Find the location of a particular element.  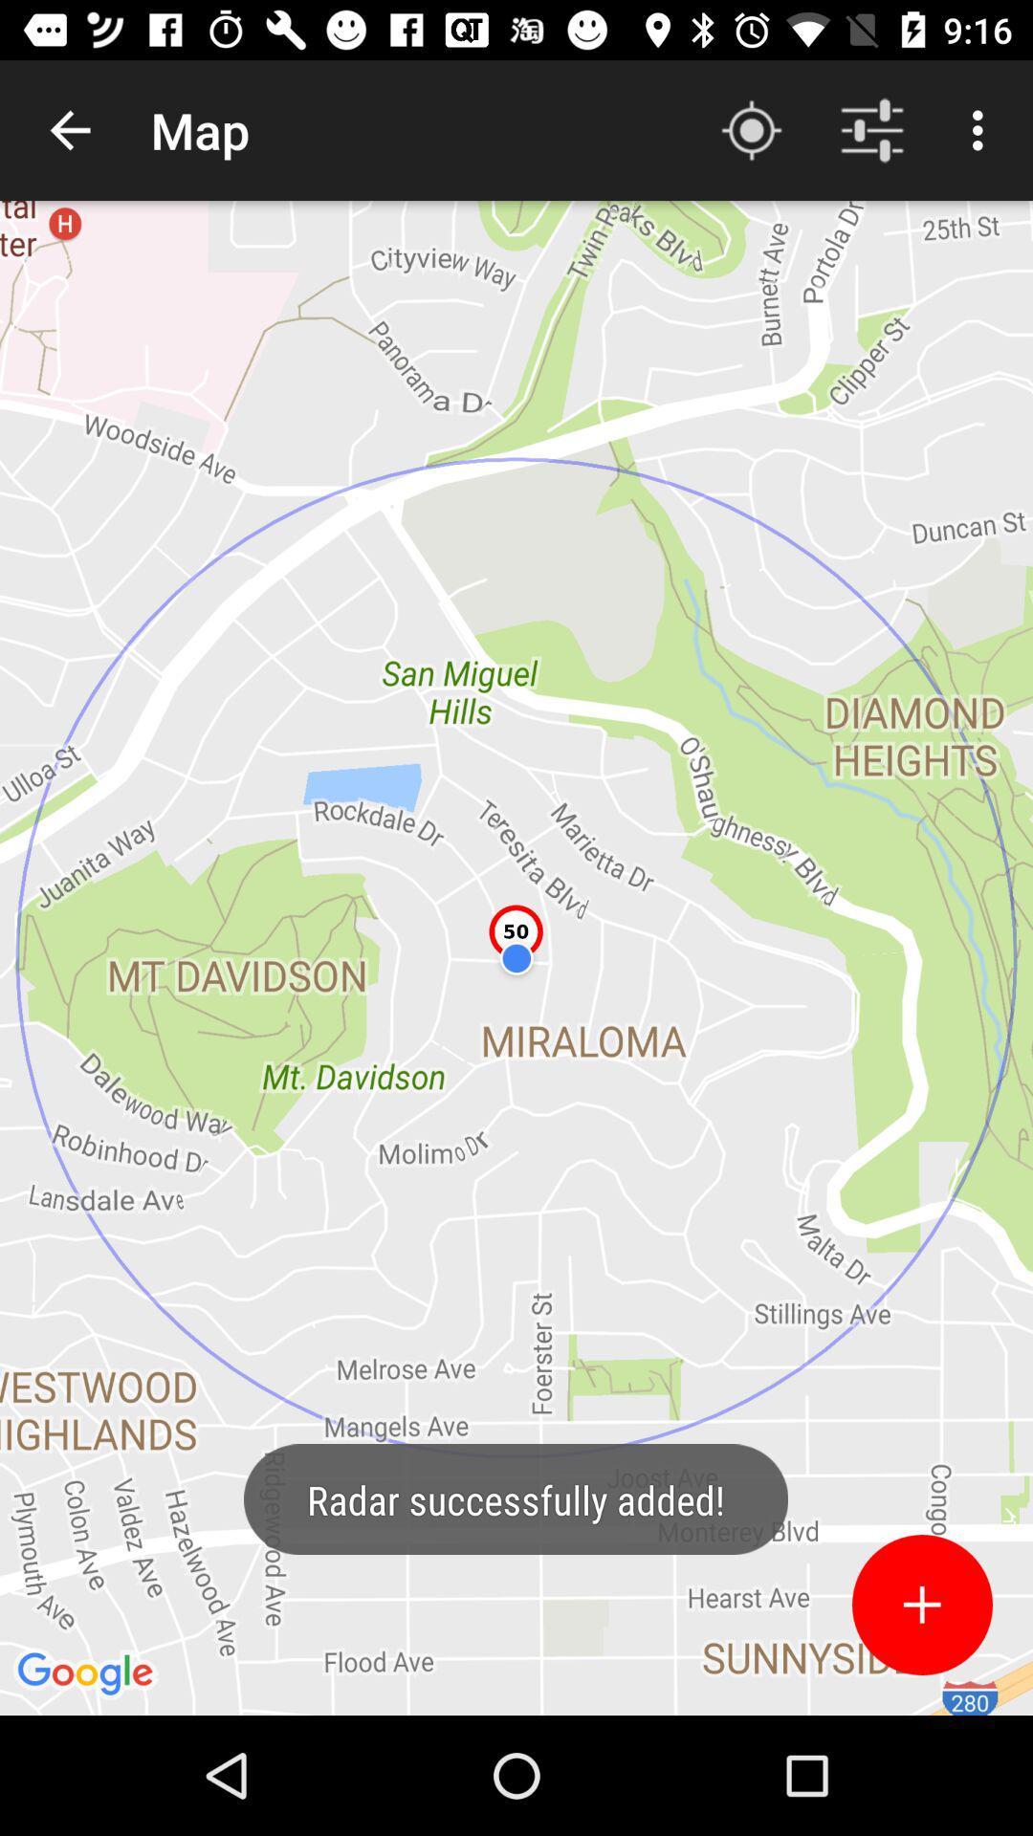

the app to the right of map is located at coordinates (751, 129).